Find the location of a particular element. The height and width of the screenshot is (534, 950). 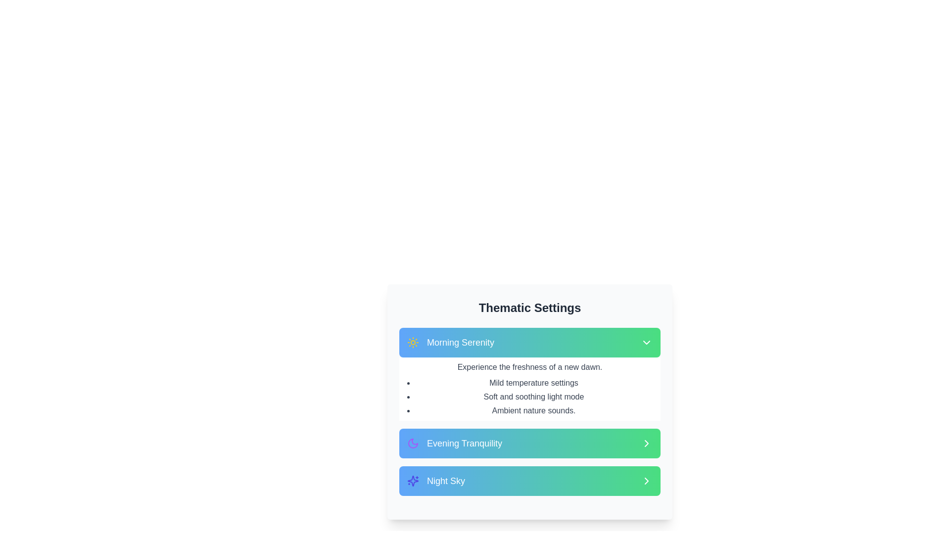

the button for 'Evening Tranquility' located in the 'Thematic Settings' section, which is the second item in the list between 'Morning Serenity' and 'Night Sky' is located at coordinates (529, 443).